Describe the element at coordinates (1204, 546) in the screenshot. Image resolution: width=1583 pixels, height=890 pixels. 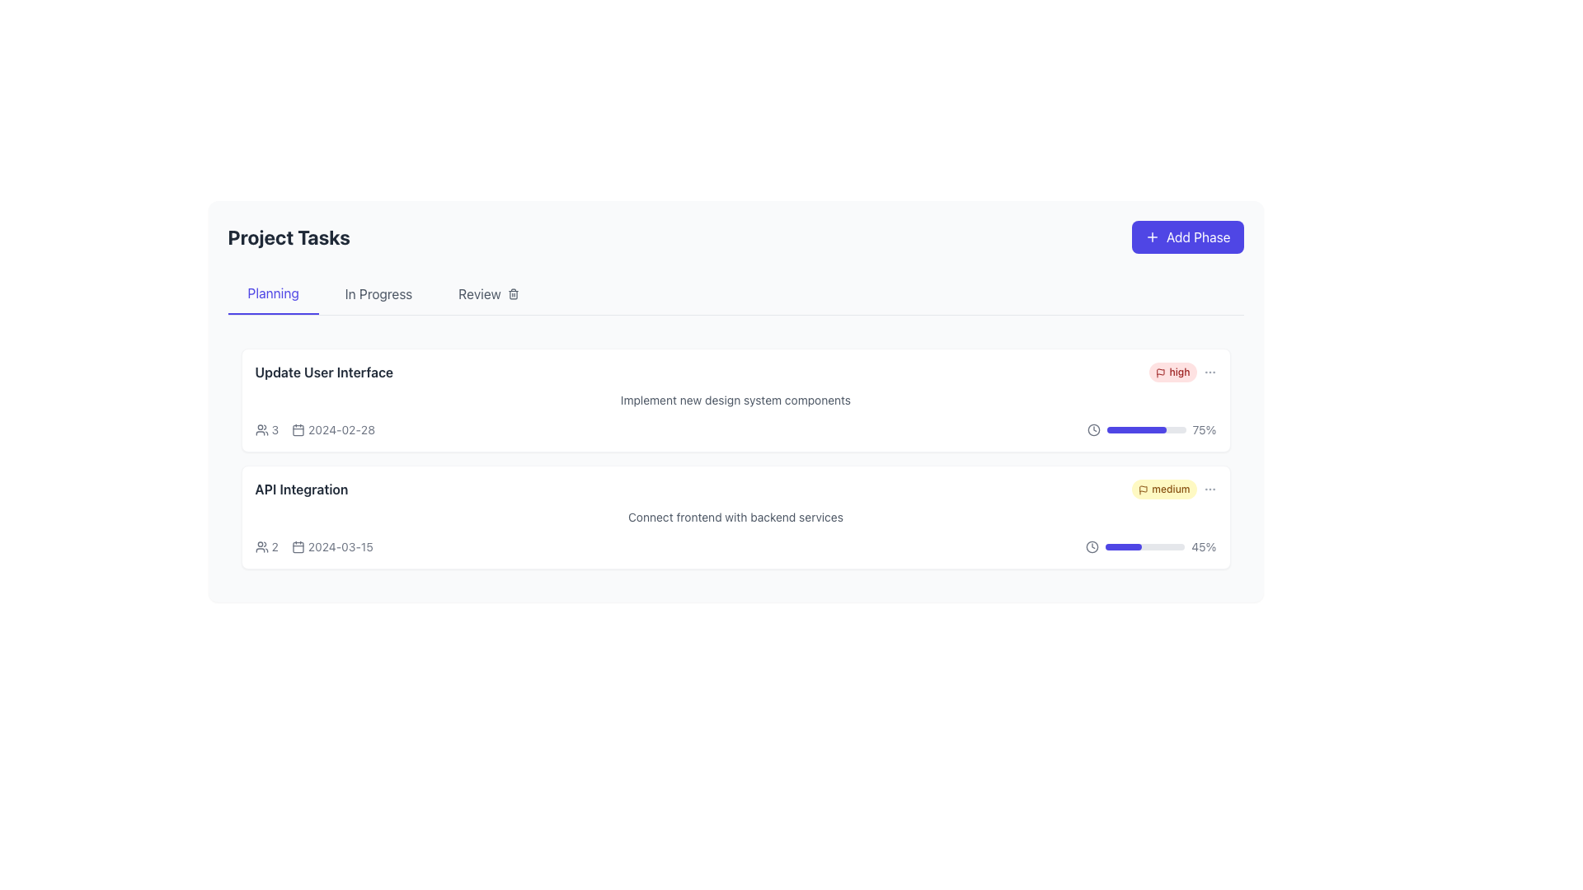
I see `the text label indicating the percentage of progress for the task 'API Integration', located to the right of the progress bar and adjacent to the text 'medium'` at that location.